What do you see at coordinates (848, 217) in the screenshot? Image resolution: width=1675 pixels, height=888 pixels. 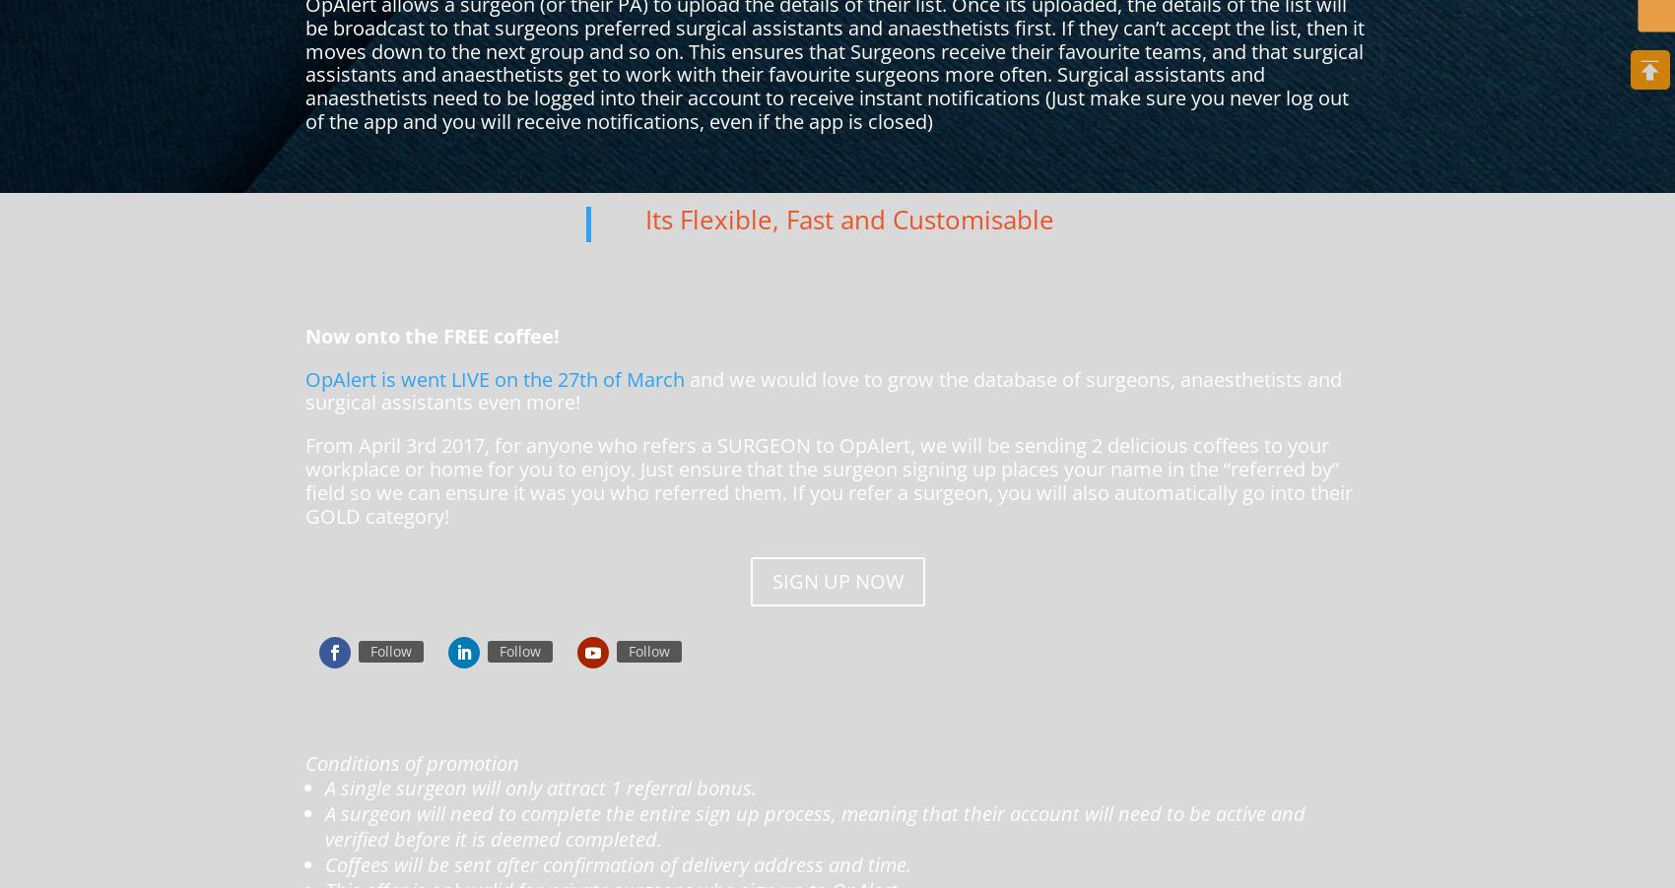 I see `'Its Flexible, Fast and Customisable'` at bounding box center [848, 217].